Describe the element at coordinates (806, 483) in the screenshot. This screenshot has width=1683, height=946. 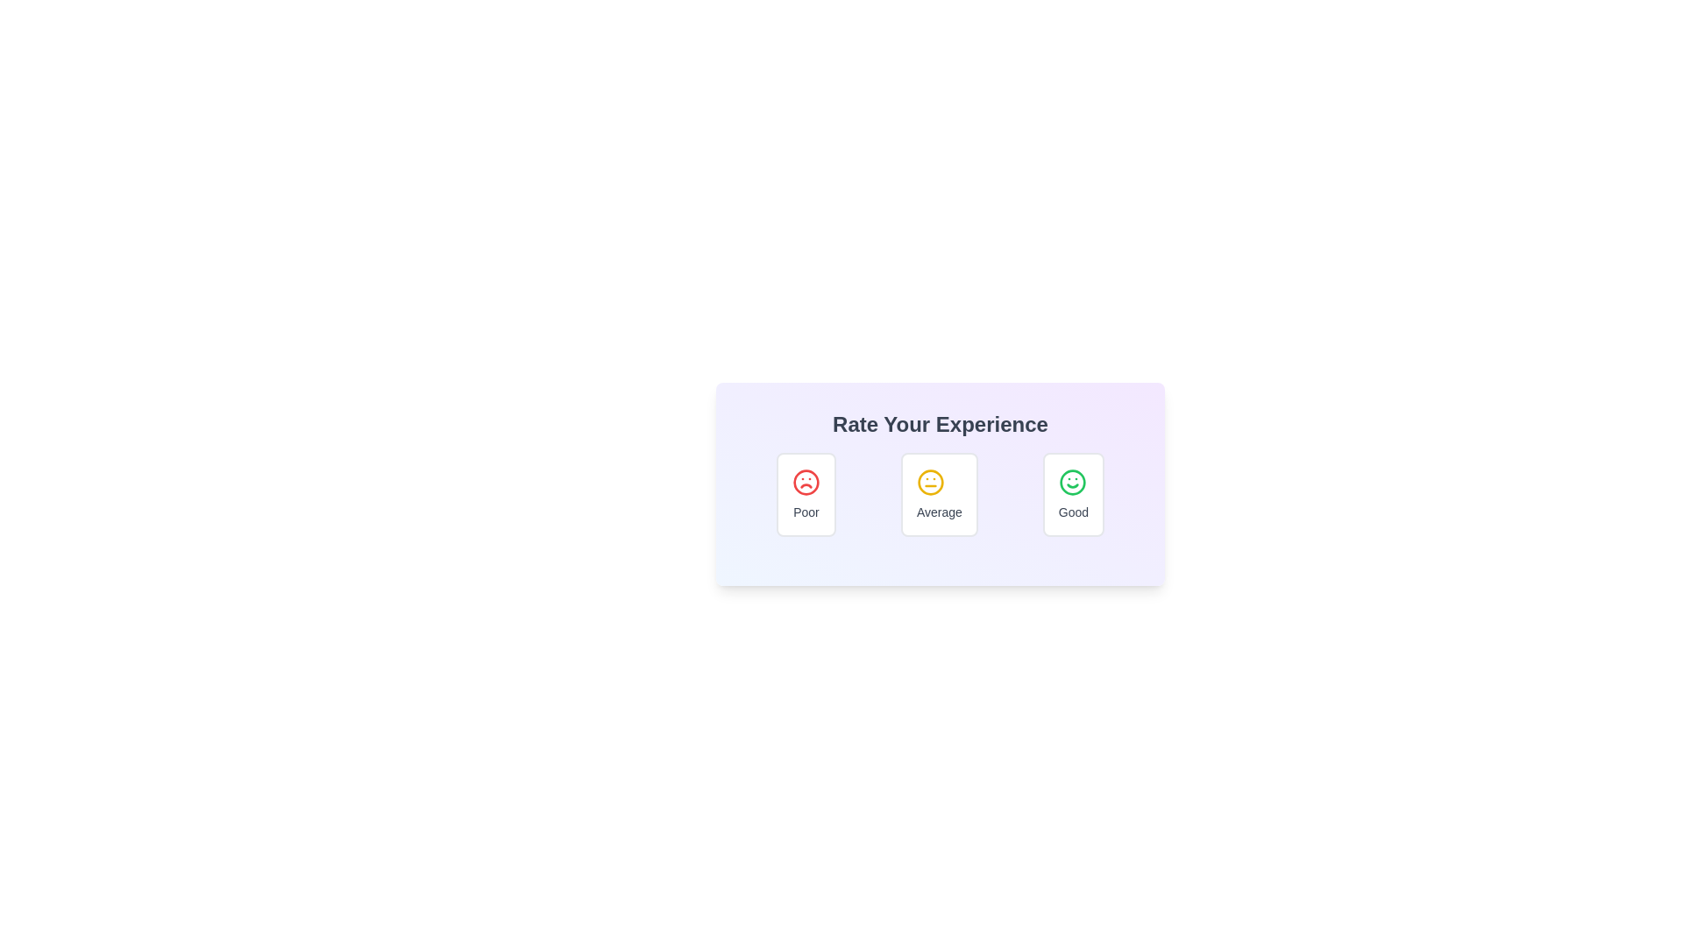
I see `the 'Poor' rating indicator icon` at that location.